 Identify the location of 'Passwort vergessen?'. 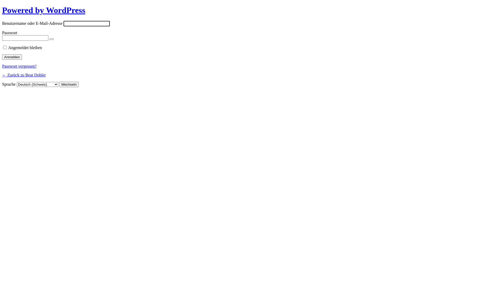
(2, 66).